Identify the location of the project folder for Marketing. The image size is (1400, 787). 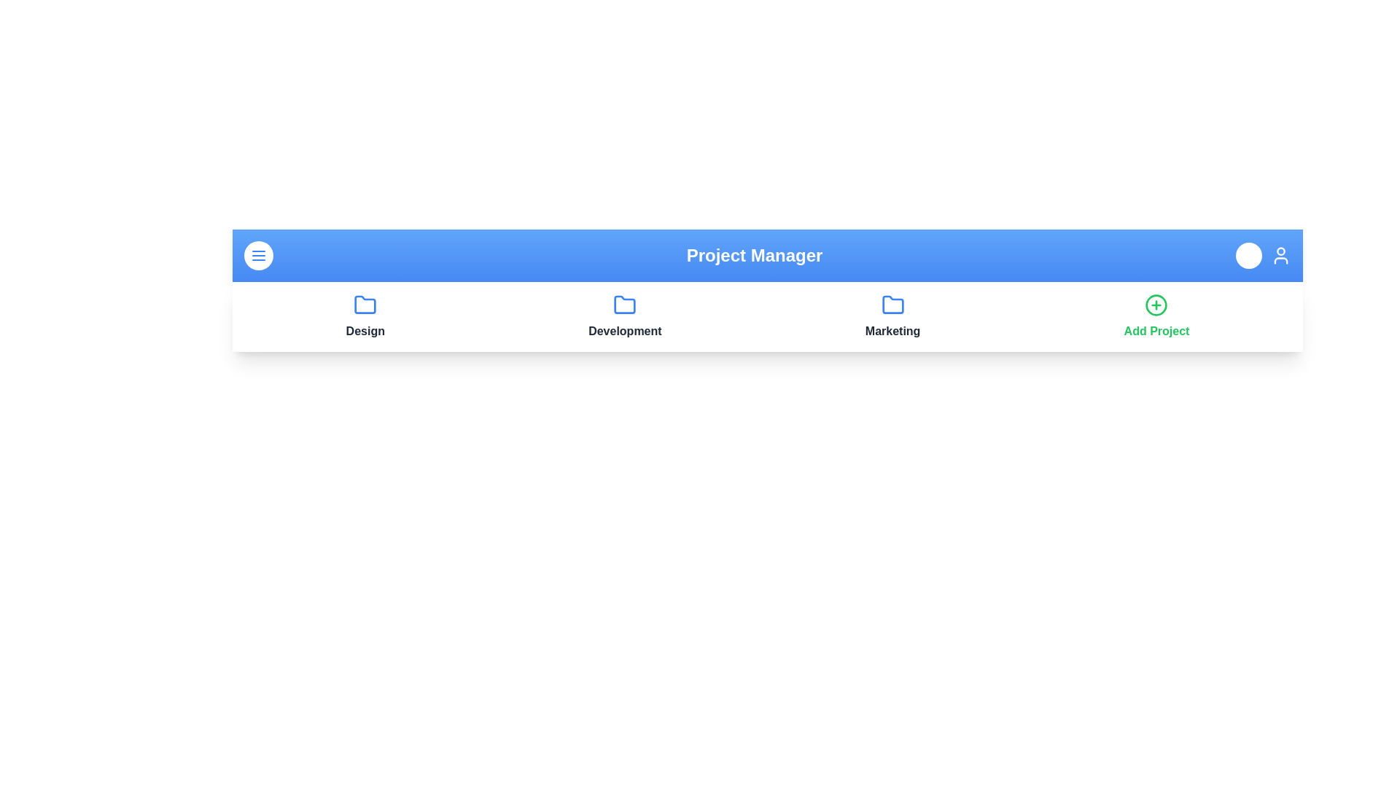
(892, 305).